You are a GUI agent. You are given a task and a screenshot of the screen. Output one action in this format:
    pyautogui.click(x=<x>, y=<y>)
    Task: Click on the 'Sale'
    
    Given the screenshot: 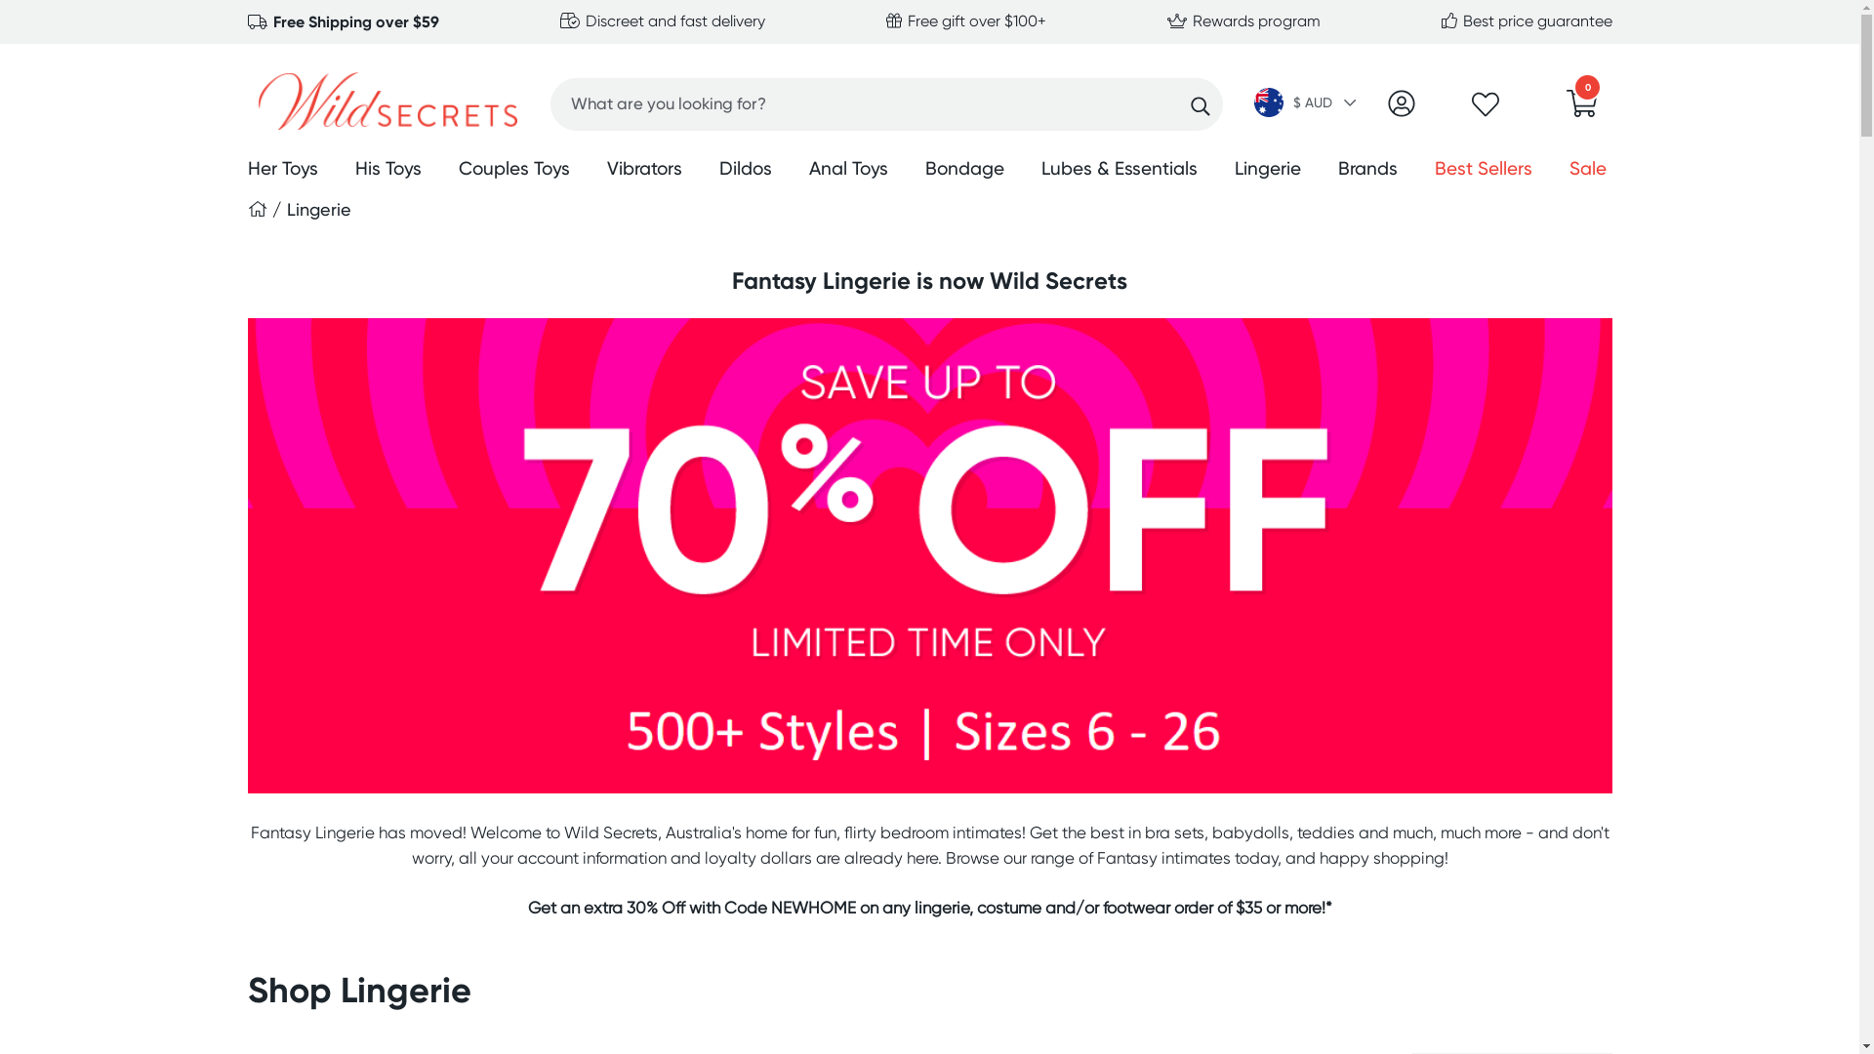 What is the action you would take?
    pyautogui.click(x=1588, y=169)
    